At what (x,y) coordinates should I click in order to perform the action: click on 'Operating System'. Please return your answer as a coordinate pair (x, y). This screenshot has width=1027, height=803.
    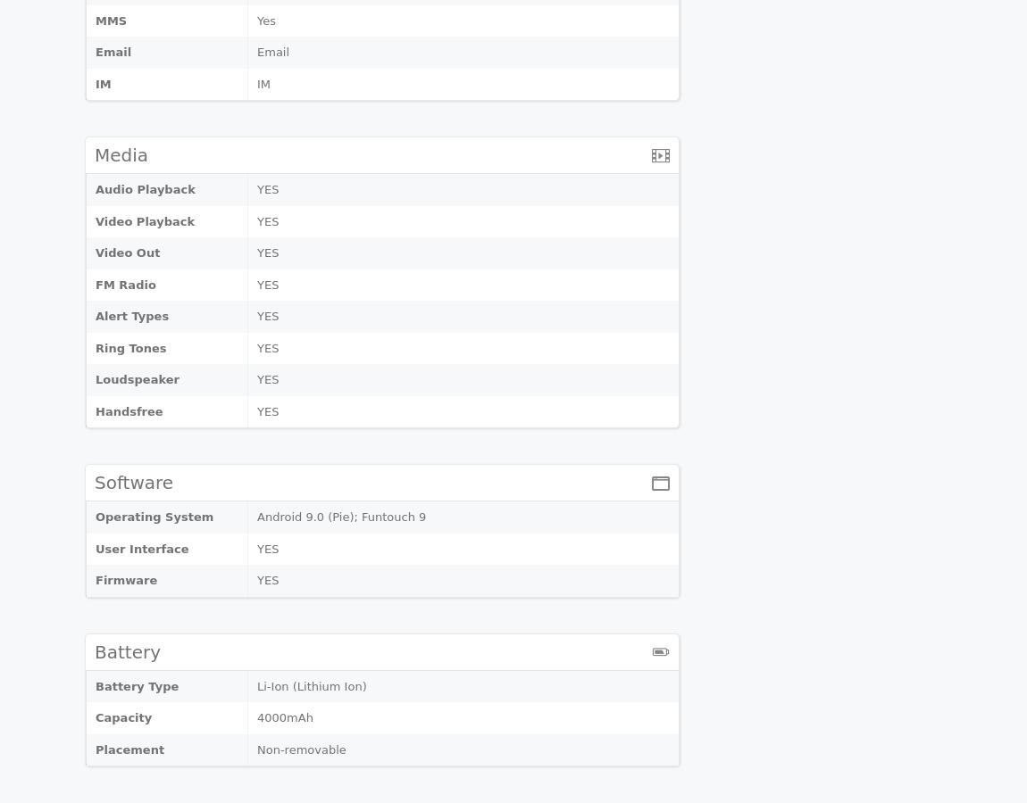
    Looking at the image, I should click on (153, 517).